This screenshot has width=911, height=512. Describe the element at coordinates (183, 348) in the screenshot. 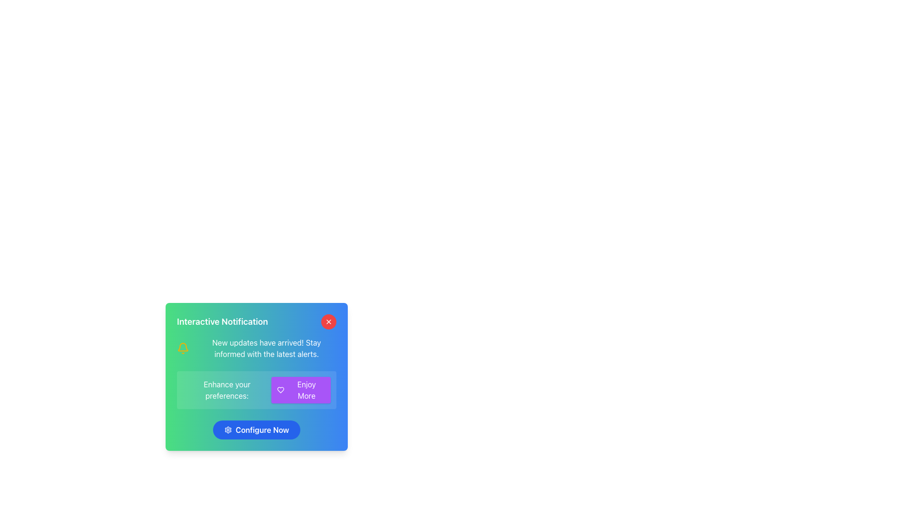

I see `the yellow bell icon located in the notification panel, which is positioned` at that location.